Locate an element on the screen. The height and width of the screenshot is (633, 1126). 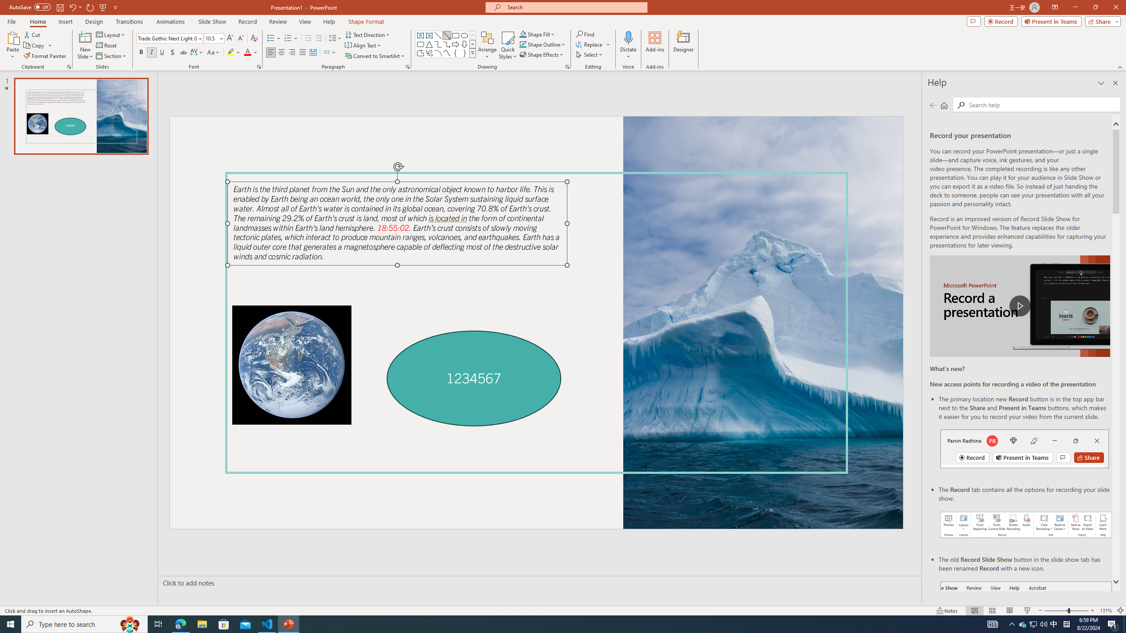
'Previous page' is located at coordinates (933, 105).